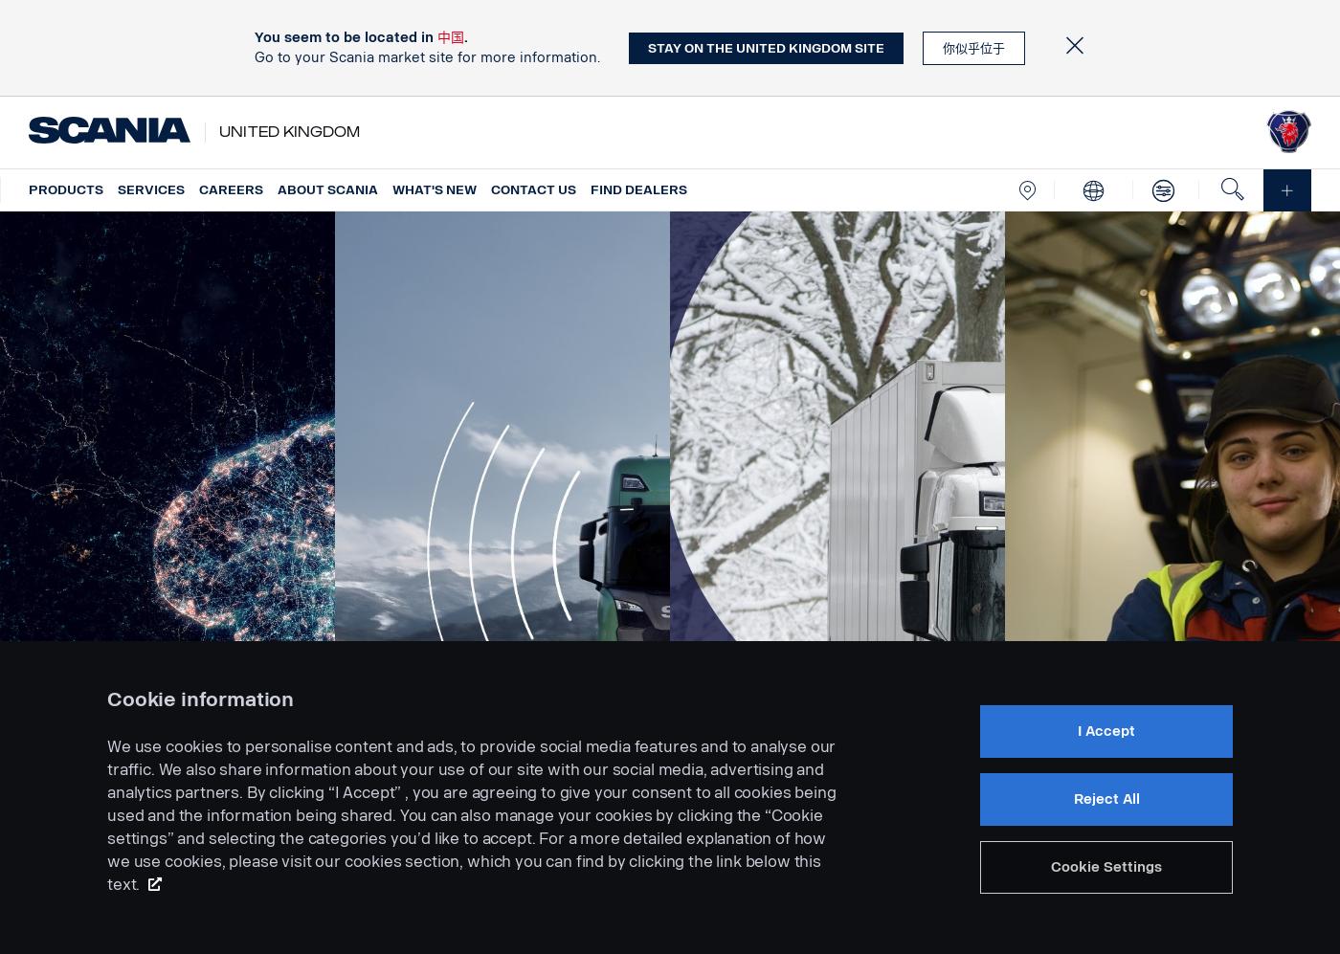 This screenshot has height=954, width=1340. Describe the element at coordinates (827, 835) in the screenshot. I see `'The road to safety'` at that location.